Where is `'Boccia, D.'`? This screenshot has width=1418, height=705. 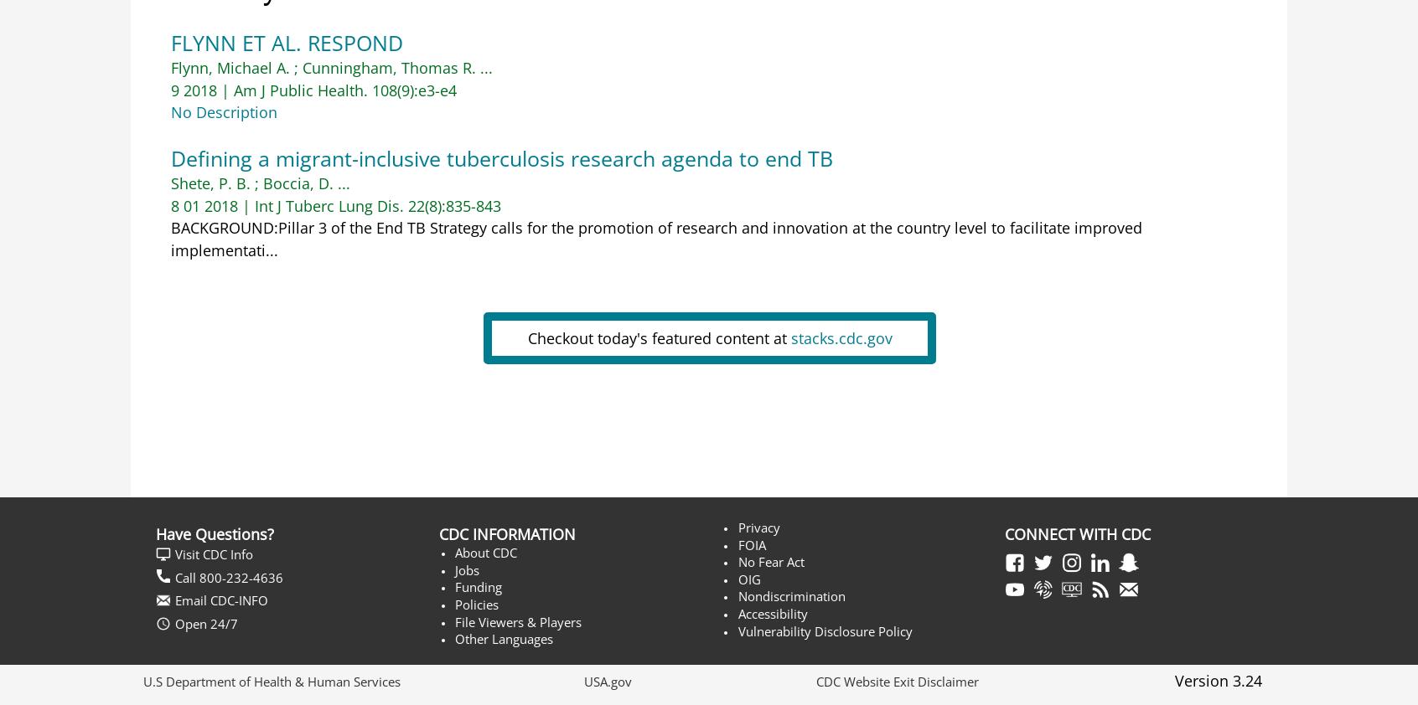
'Boccia, D.' is located at coordinates (261, 183).